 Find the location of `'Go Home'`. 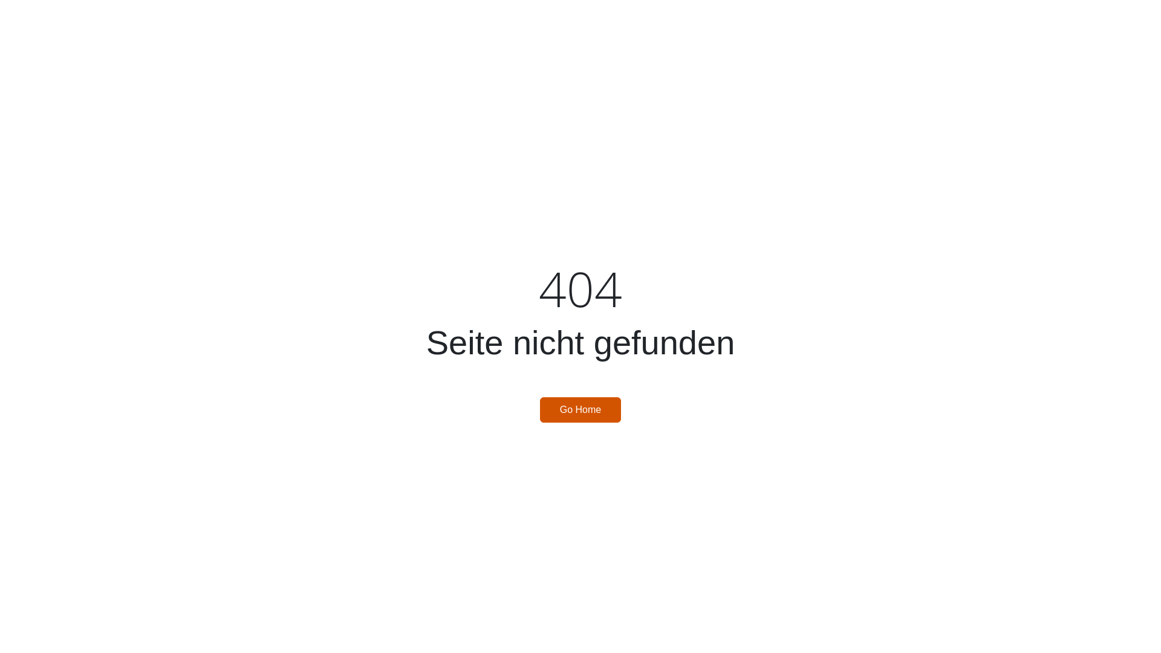

'Go Home' is located at coordinates (580, 409).